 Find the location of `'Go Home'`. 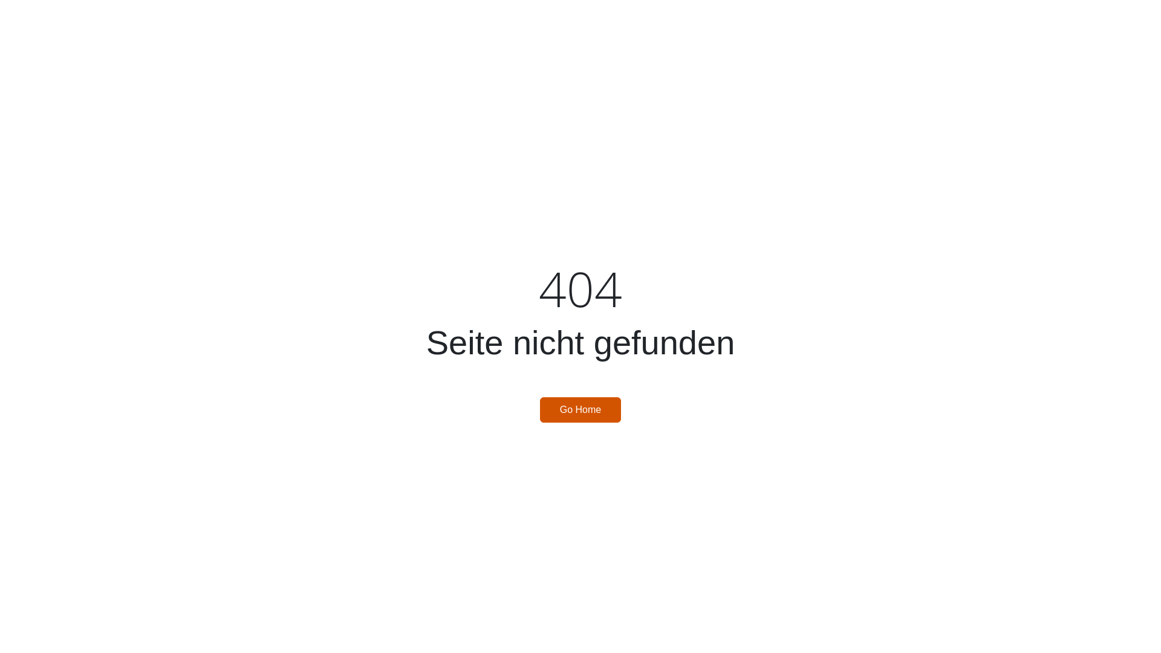

'Go Home' is located at coordinates (580, 409).